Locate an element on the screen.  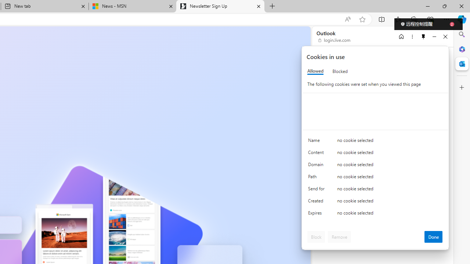
'Done' is located at coordinates (433, 236).